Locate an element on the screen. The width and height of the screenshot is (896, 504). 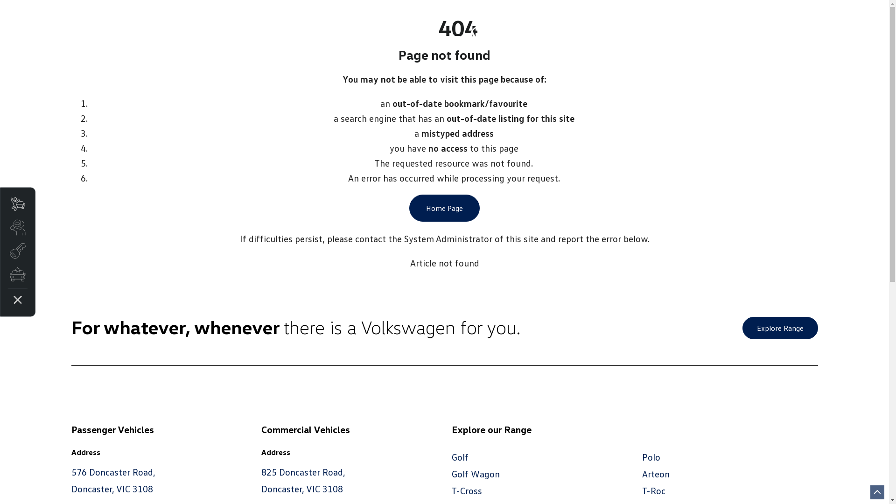
'Home Page' is located at coordinates (444, 208).